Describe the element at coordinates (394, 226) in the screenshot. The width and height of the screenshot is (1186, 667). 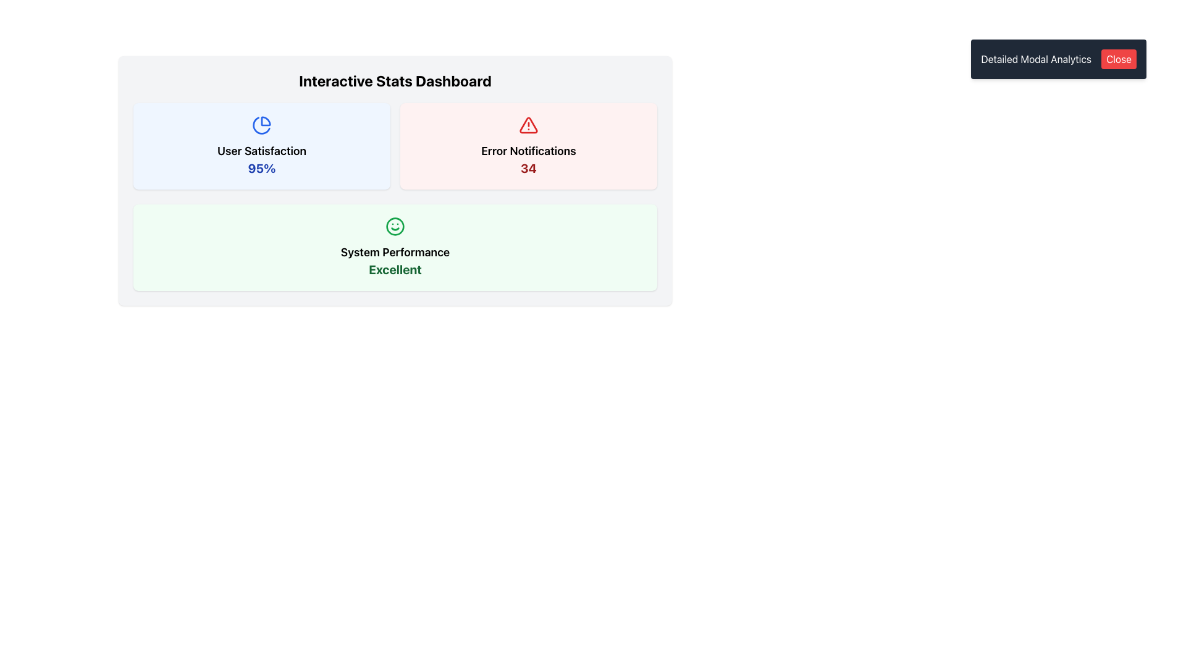
I see `the circular graphic element that is part of the smiley face icon in the 'System Performance Excellent' panel of the 'Interactive Stats Dashboard'` at that location.